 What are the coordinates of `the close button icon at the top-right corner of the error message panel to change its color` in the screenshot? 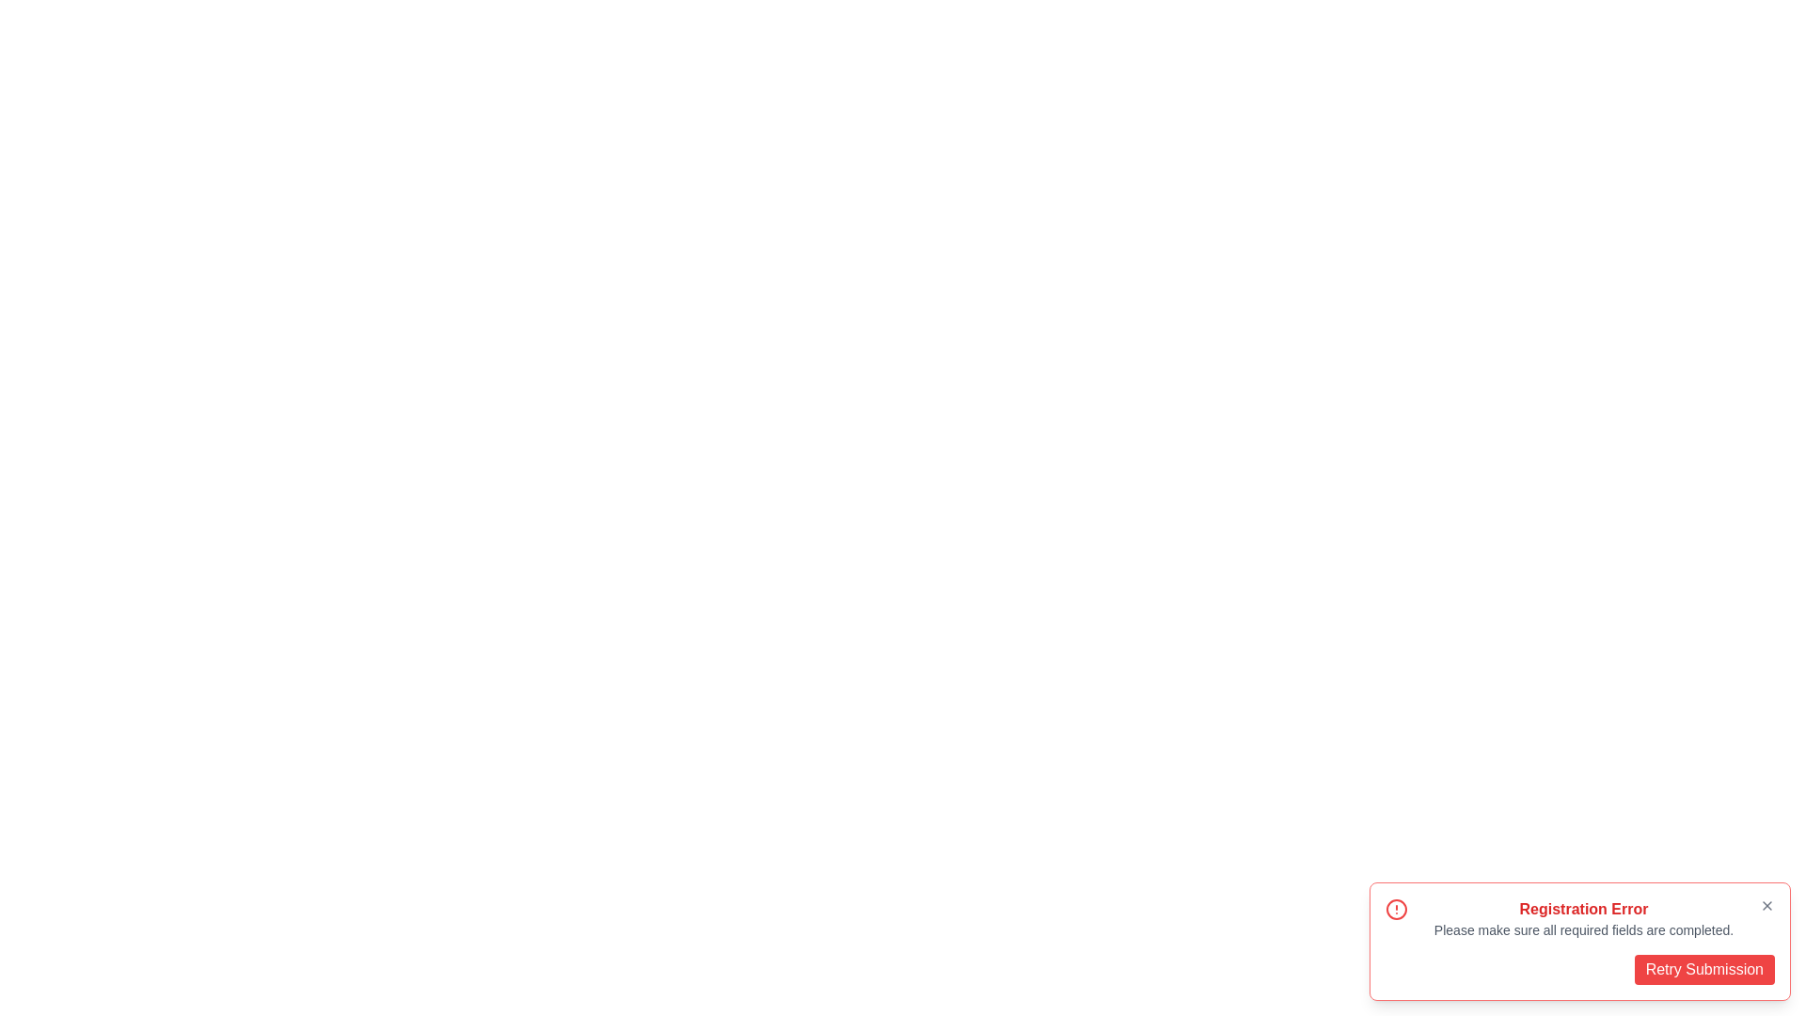 It's located at (1766, 905).